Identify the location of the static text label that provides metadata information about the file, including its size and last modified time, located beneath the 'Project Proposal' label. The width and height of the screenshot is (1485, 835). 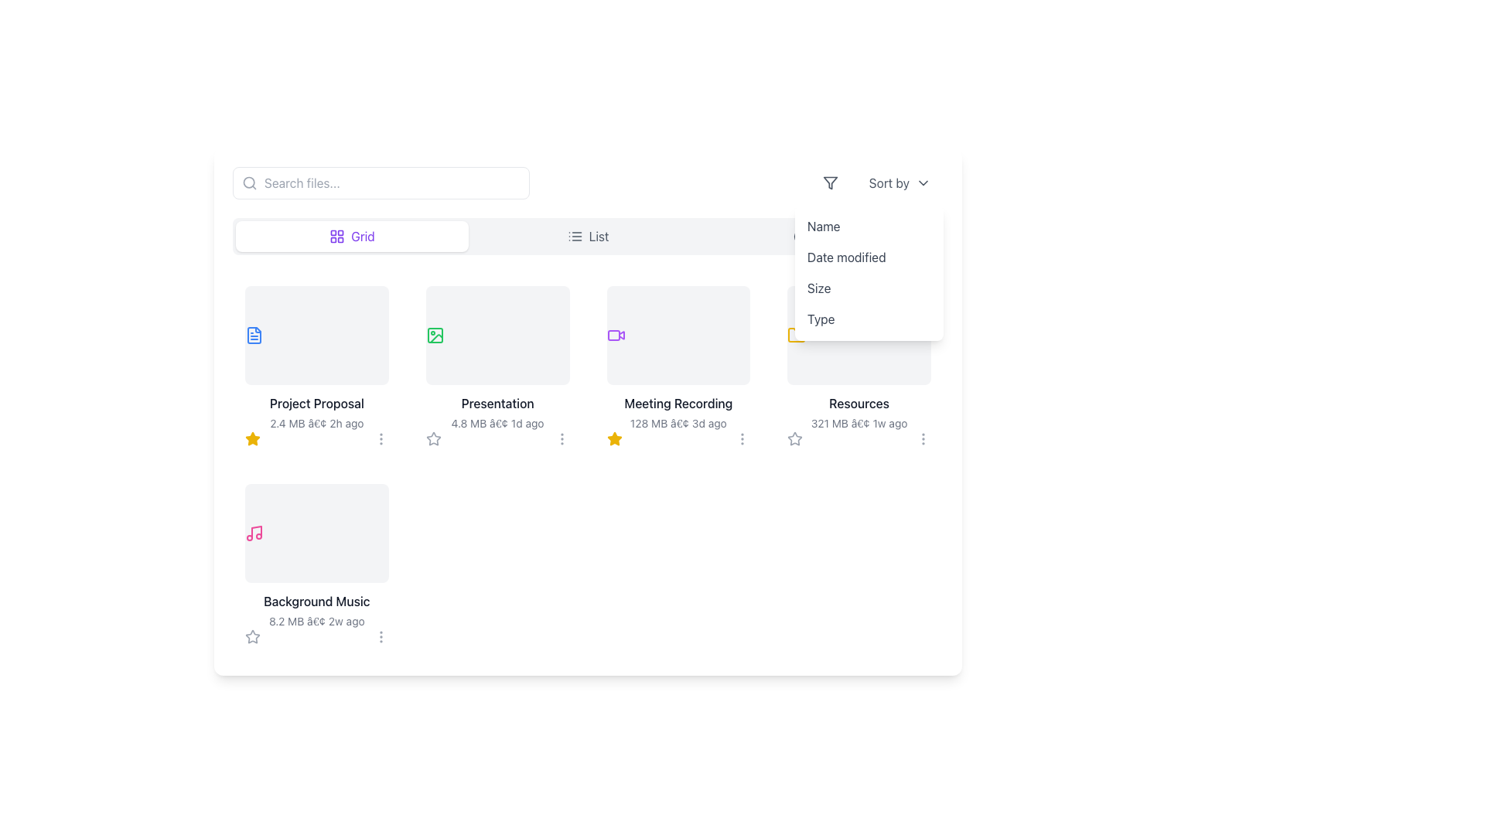
(316, 423).